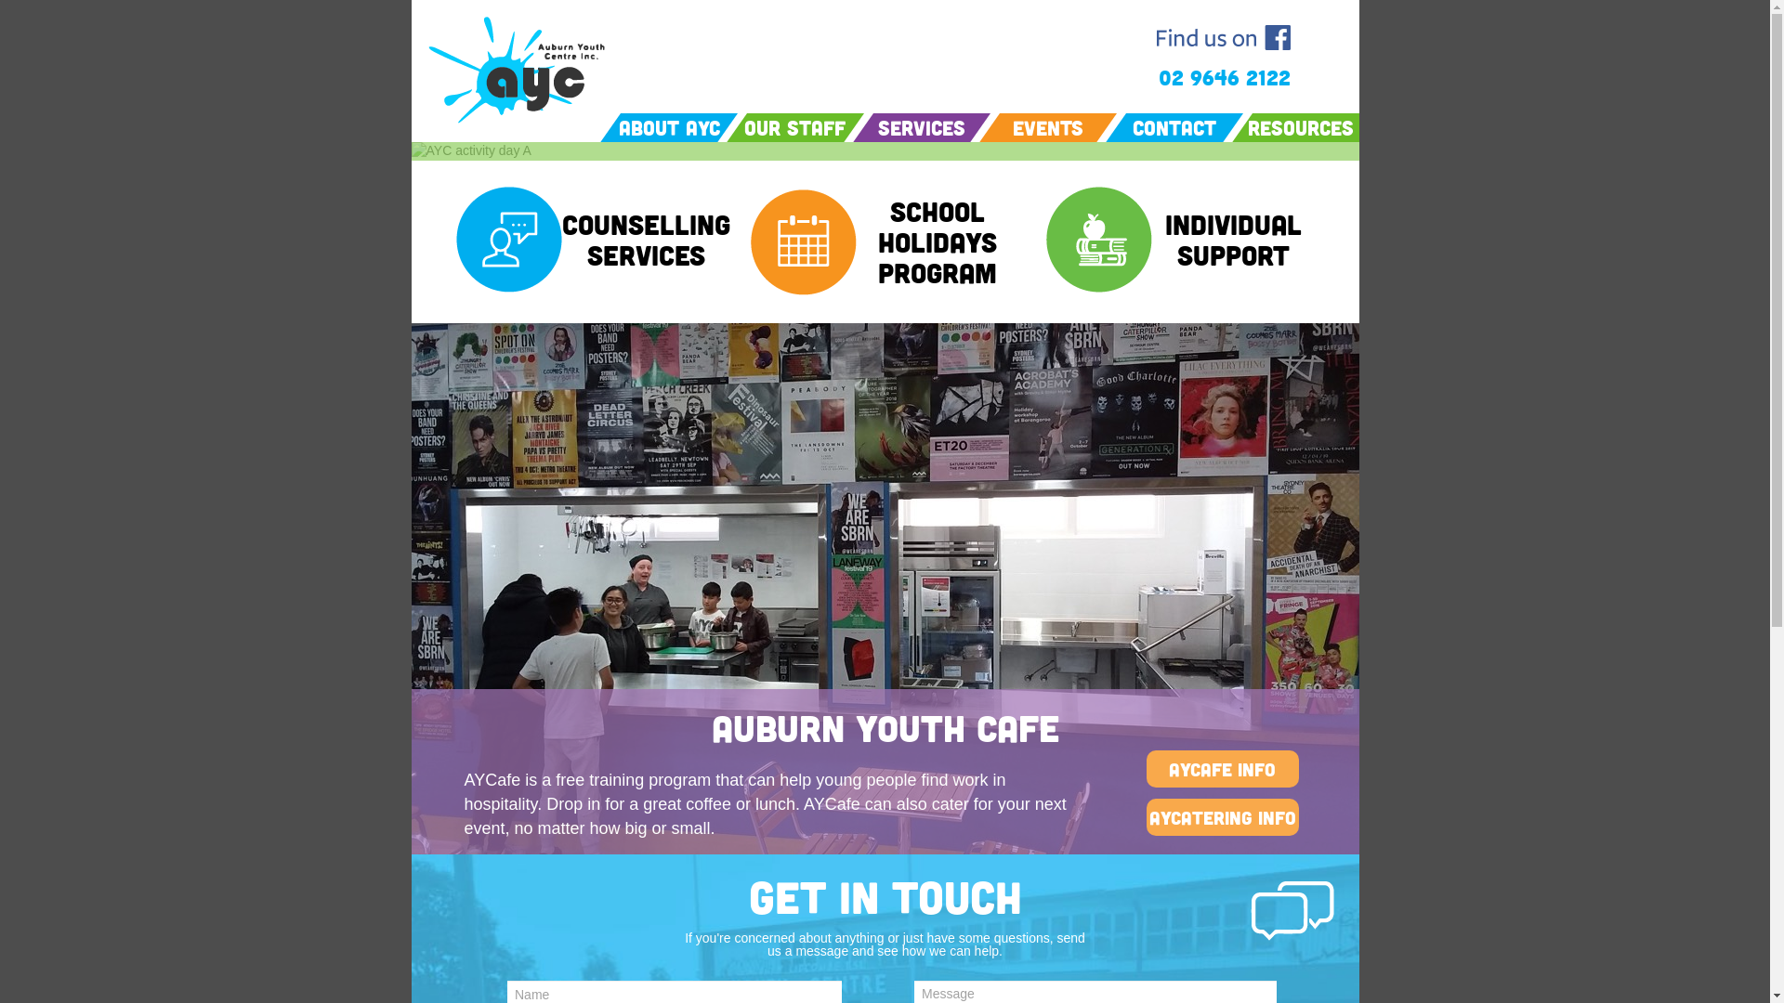 The image size is (1784, 1003). Describe the element at coordinates (1150, 239) in the screenshot. I see `'Individual Support'` at that location.